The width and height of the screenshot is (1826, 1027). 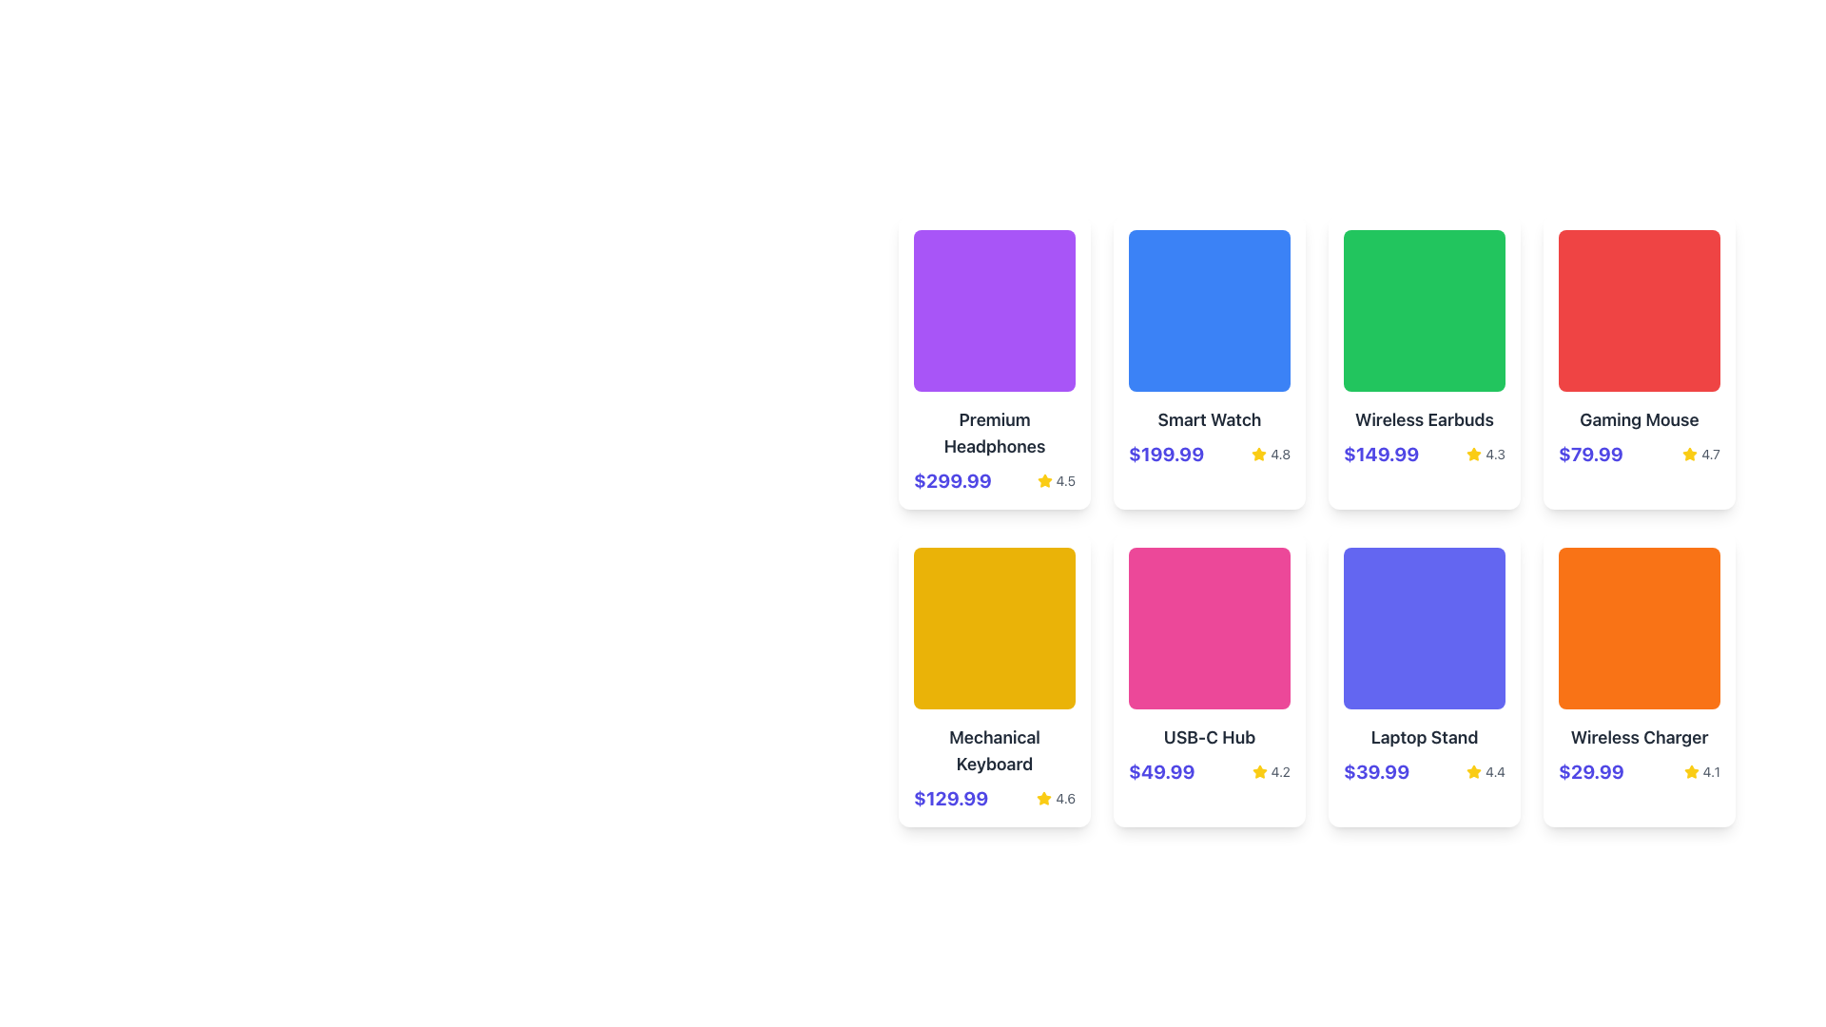 I want to click on text from the label that says 'Wireless Charger', which is displayed in bold and larger font within a card layout in the grid, so click(x=1638, y=736).